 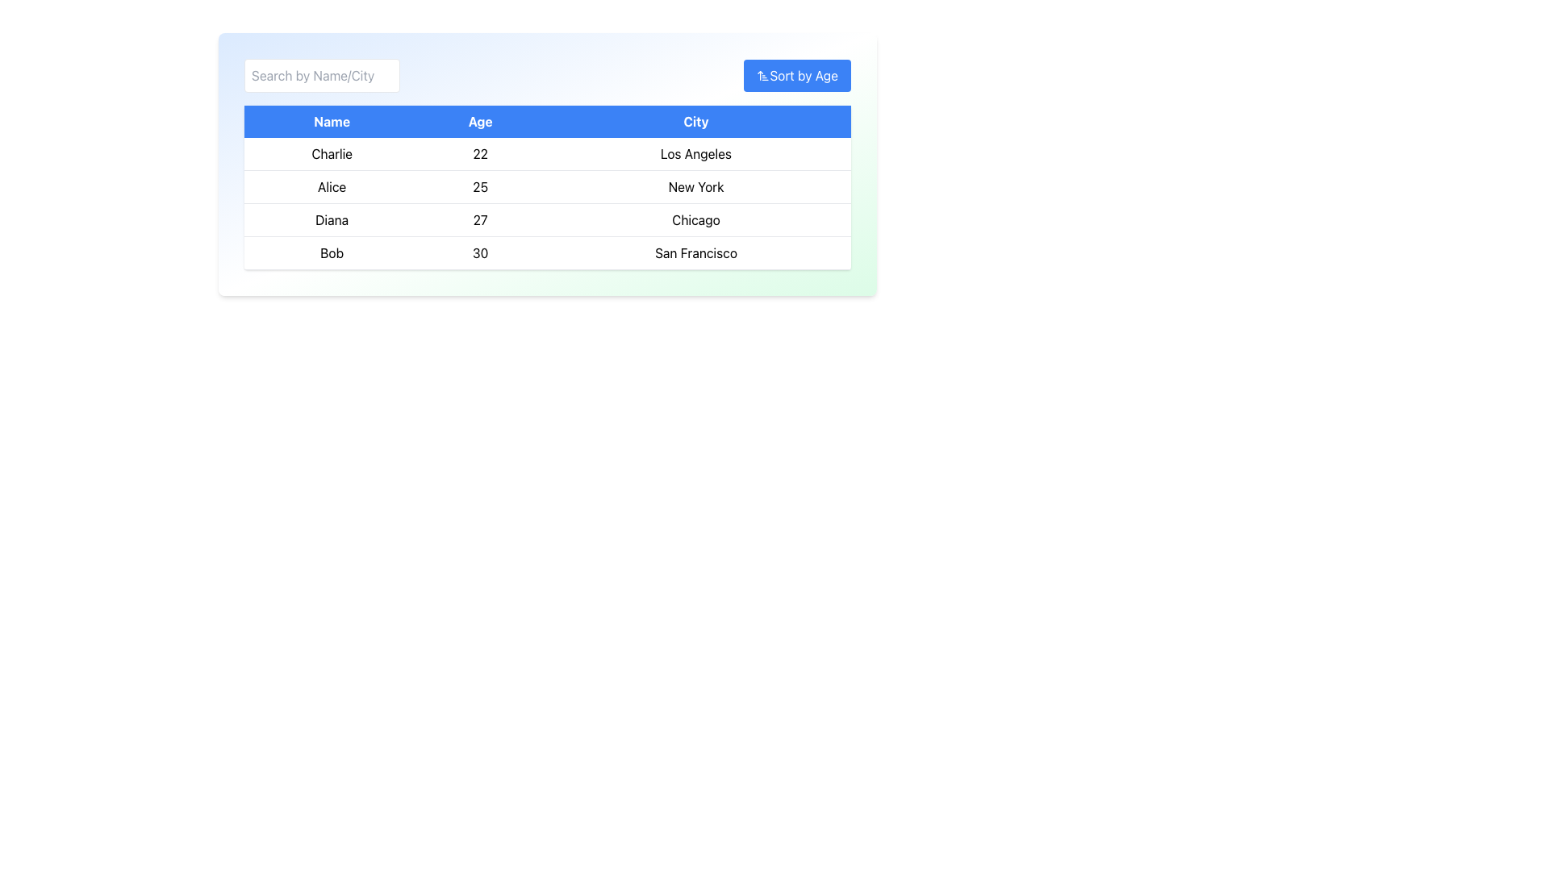 I want to click on the table row displaying information about Diana, who is 27 years old and lives in Chicago, which is positioned as the third row in the table, so click(x=547, y=220).